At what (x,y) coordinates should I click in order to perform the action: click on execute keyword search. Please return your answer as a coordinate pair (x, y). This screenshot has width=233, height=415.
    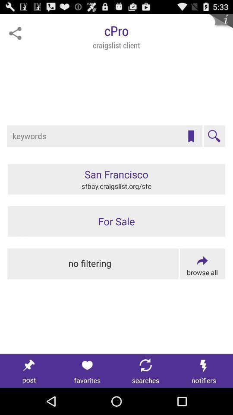
    Looking at the image, I should click on (214, 136).